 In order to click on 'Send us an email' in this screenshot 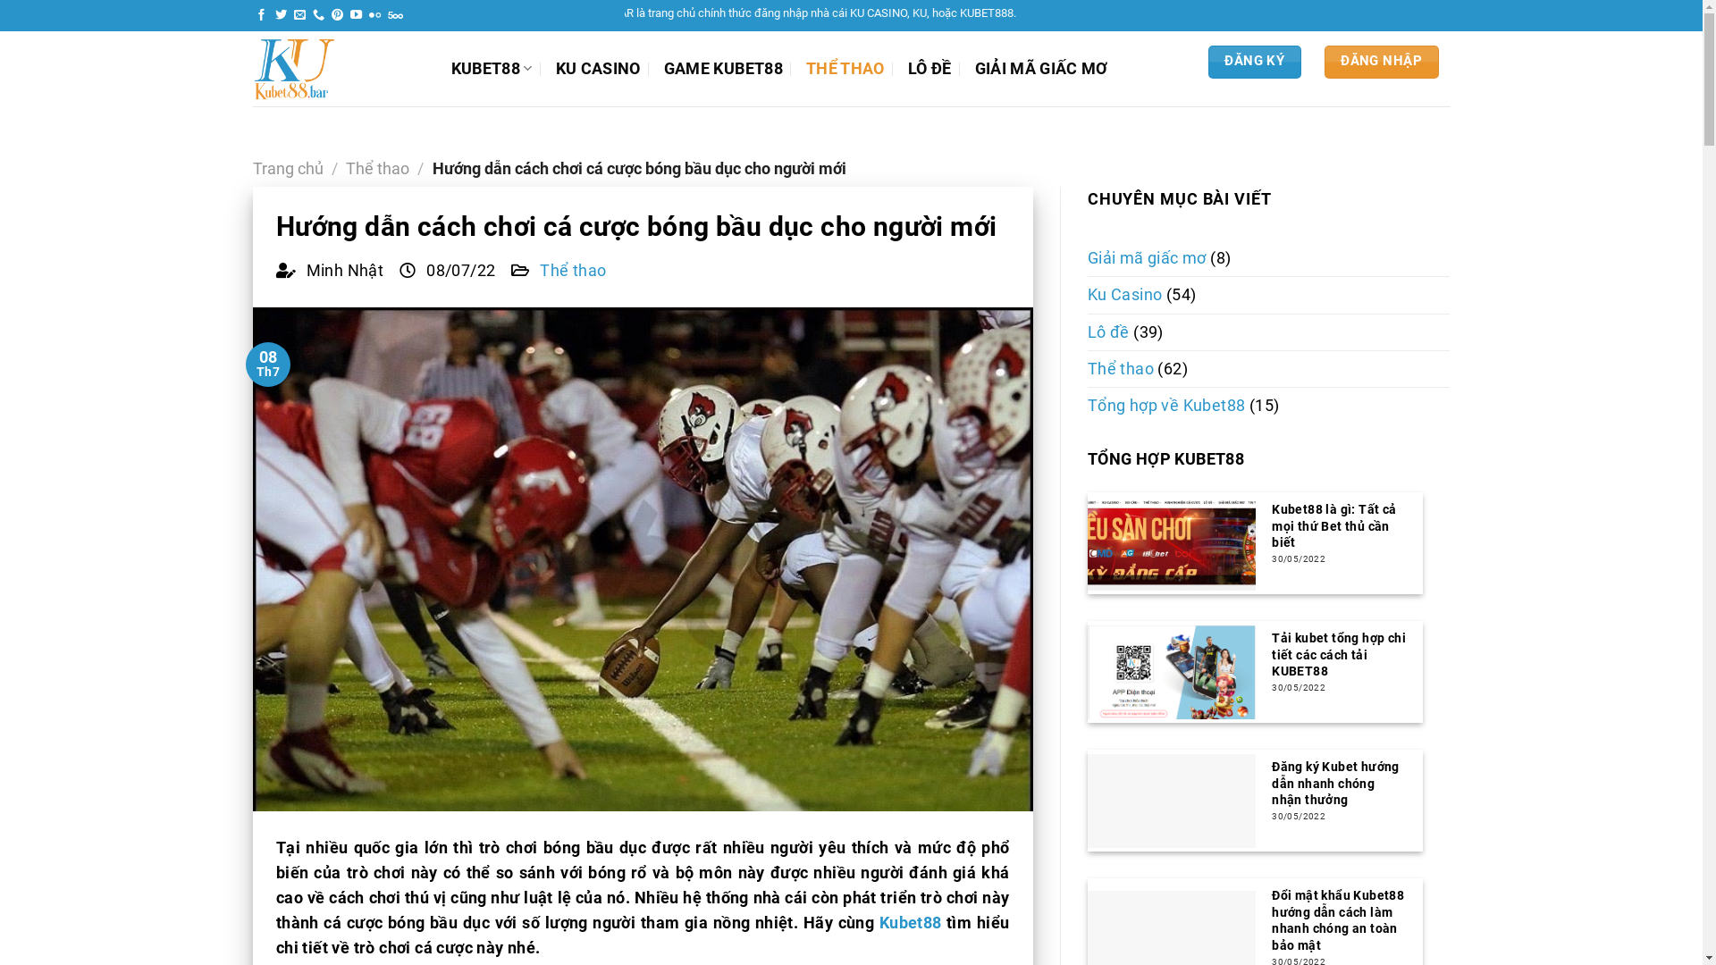, I will do `click(299, 15)`.